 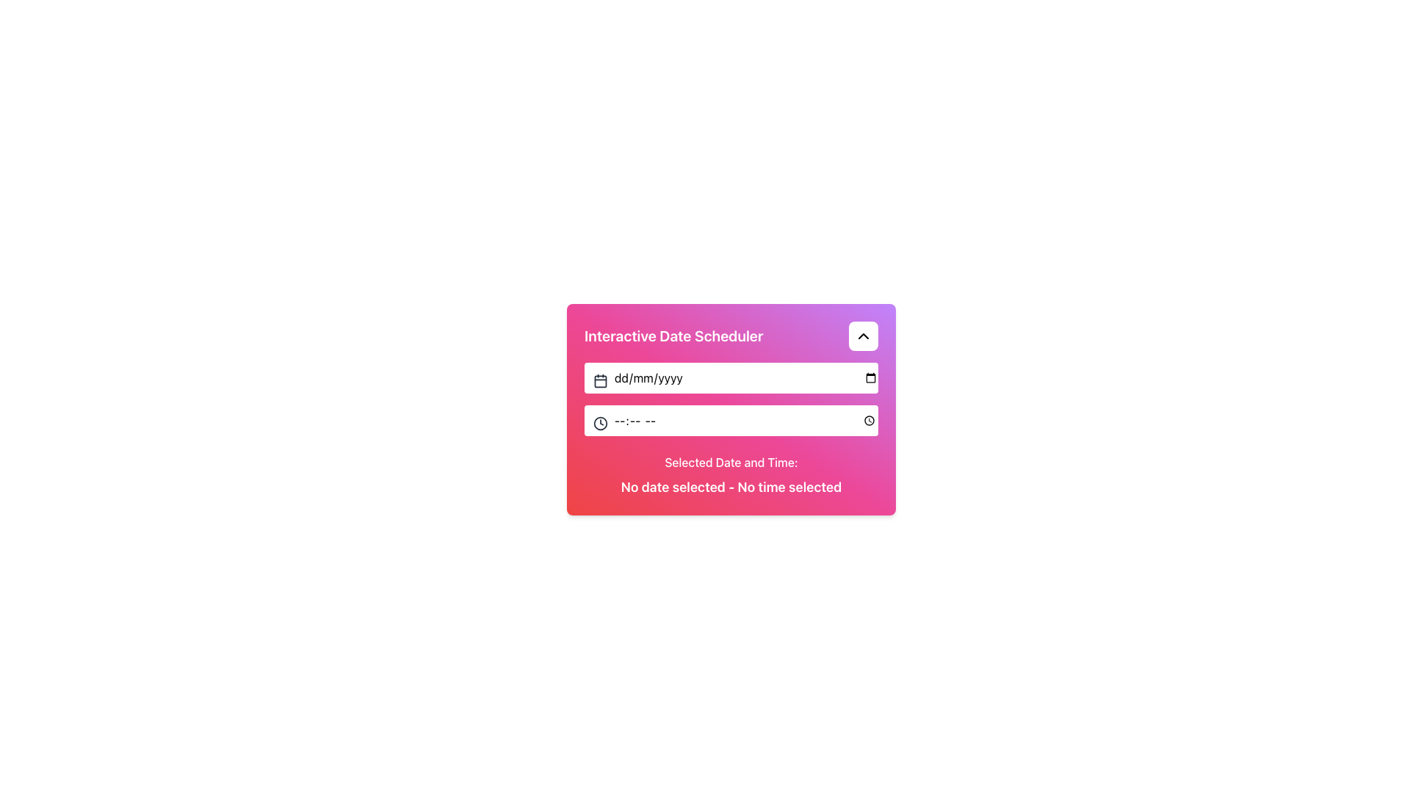 I want to click on the text label indicating that no date and time has been selected yet, located under the header 'Selected Date and Time:' in the 'Interactive Date Scheduler' panel, so click(x=731, y=487).